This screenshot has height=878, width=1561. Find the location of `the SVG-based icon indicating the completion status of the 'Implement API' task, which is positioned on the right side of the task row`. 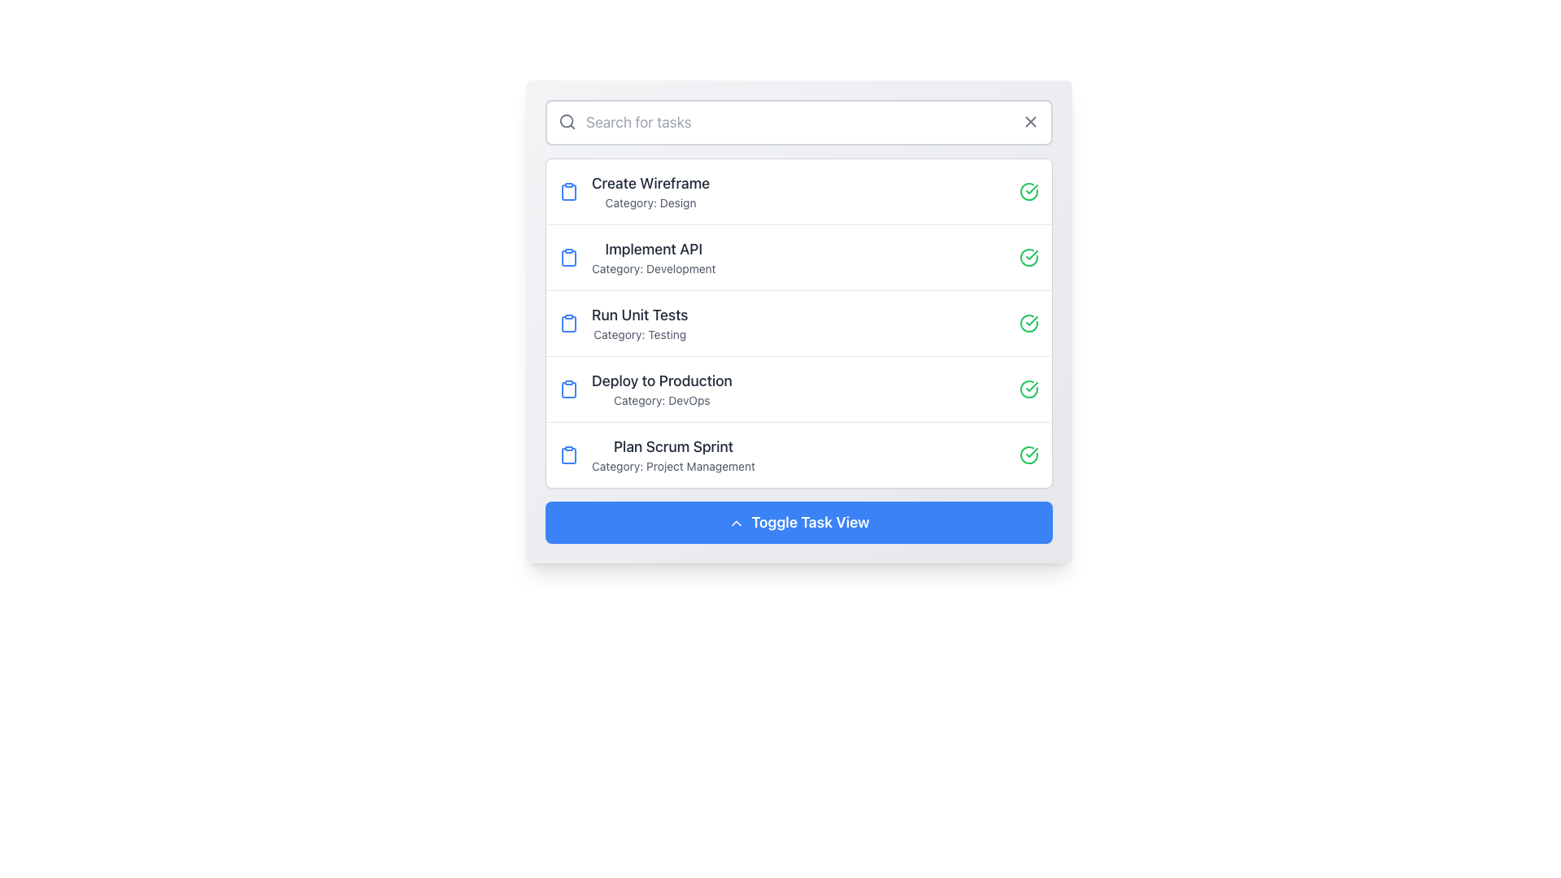

the SVG-based icon indicating the completion status of the 'Implement API' task, which is positioned on the right side of the task row is located at coordinates (1028, 256).